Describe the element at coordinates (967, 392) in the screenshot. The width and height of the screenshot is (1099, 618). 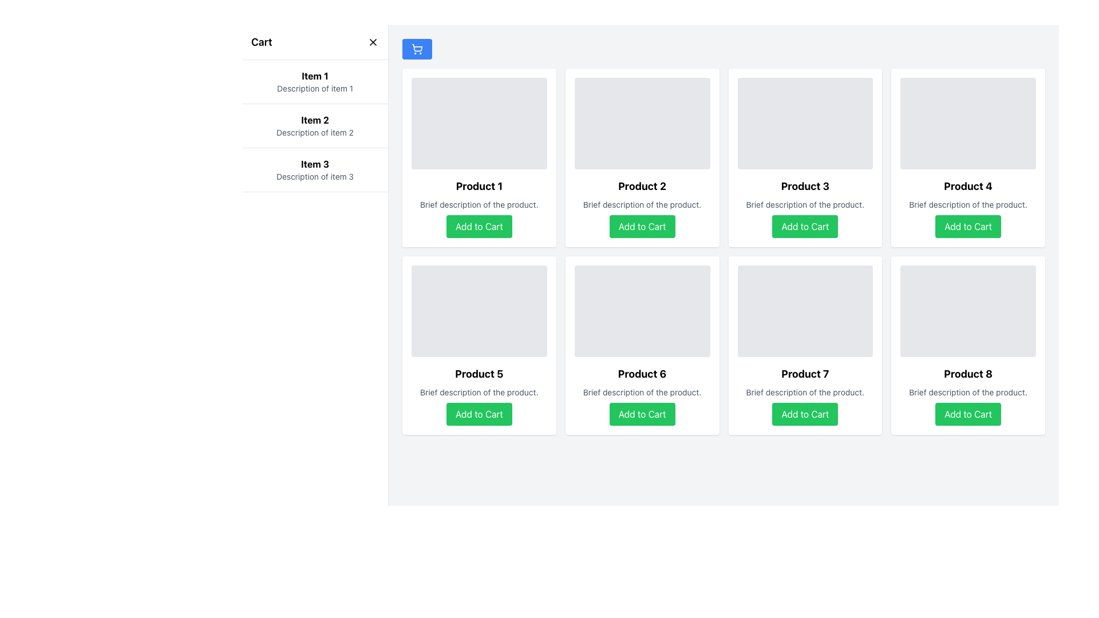
I see `the text label saying 'Brief description of the product.' which is located beneath the title 'Product 8' in the eighth product card` at that location.